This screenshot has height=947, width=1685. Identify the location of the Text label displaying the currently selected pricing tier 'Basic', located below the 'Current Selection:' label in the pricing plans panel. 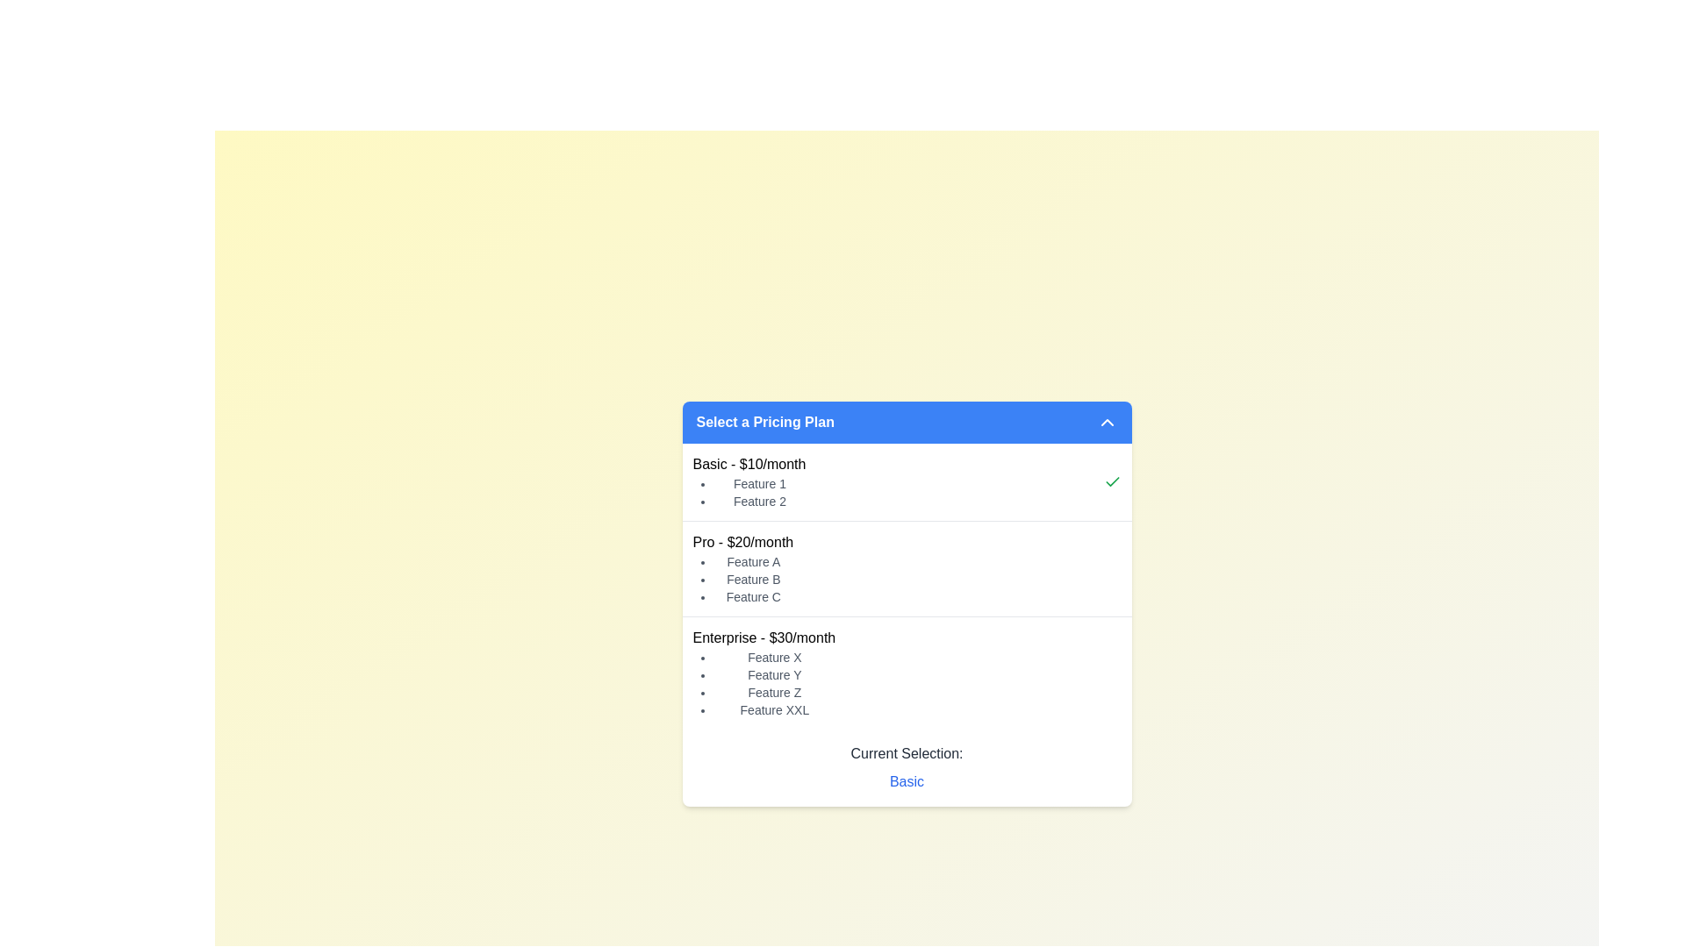
(907, 780).